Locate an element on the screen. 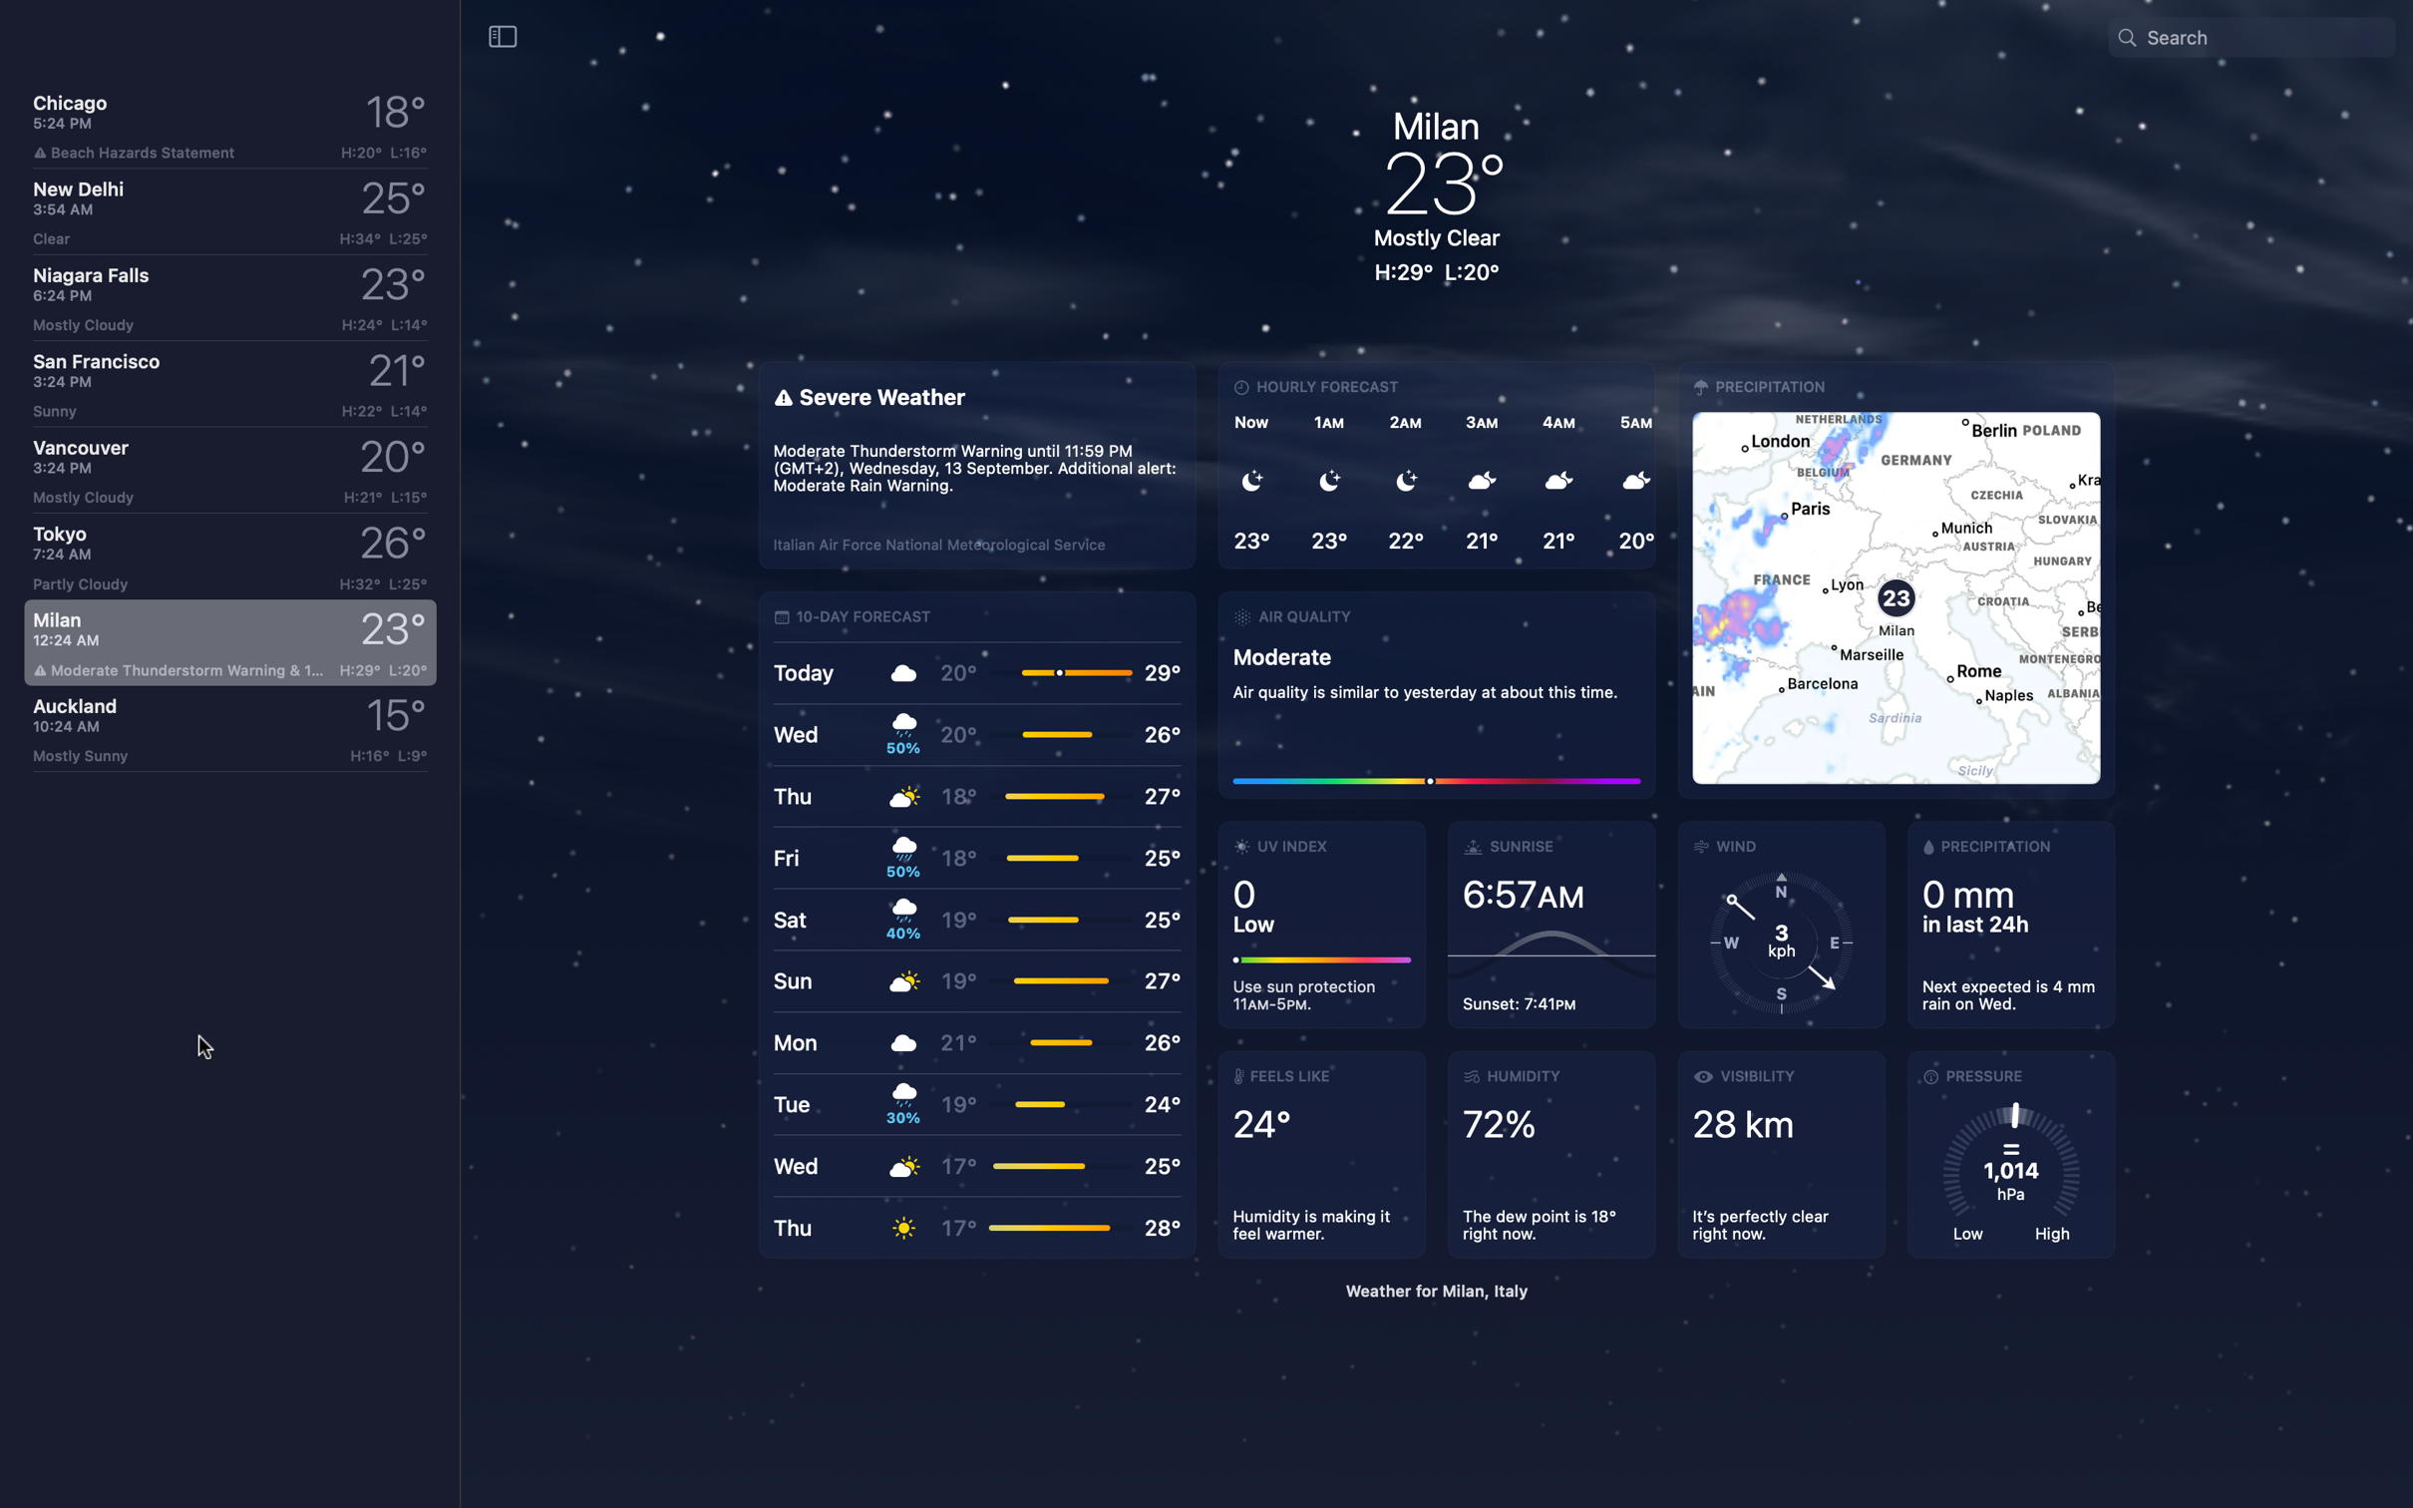 This screenshot has width=2413, height=1508. Display weather forecast for Tokyo is located at coordinates (224, 558).